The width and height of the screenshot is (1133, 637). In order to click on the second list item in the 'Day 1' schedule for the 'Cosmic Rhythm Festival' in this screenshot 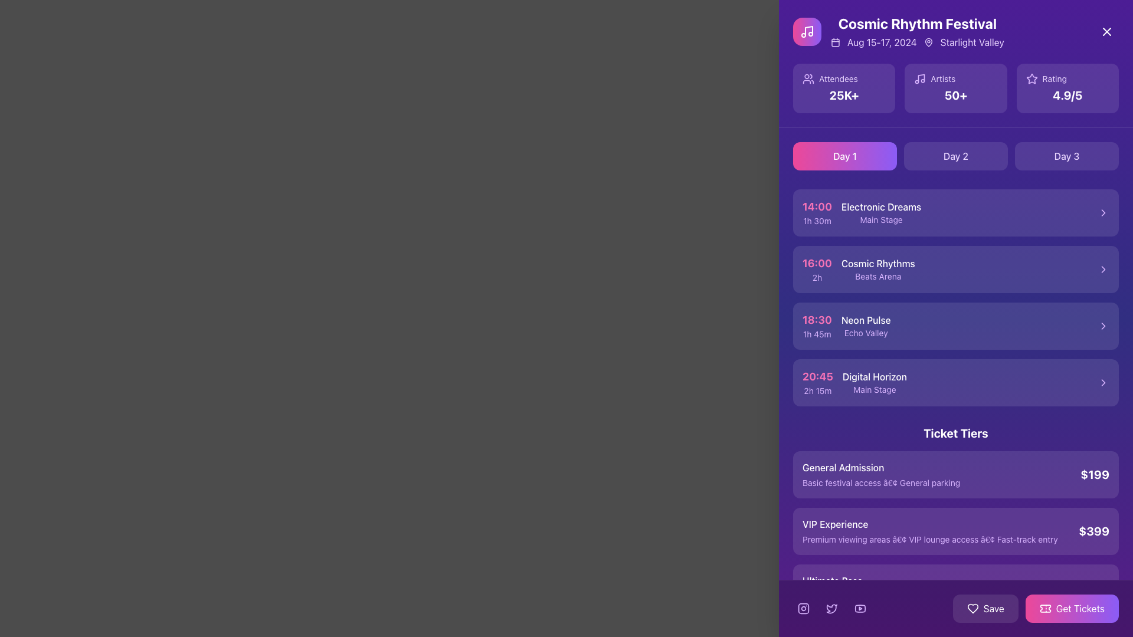, I will do `click(859, 269)`.